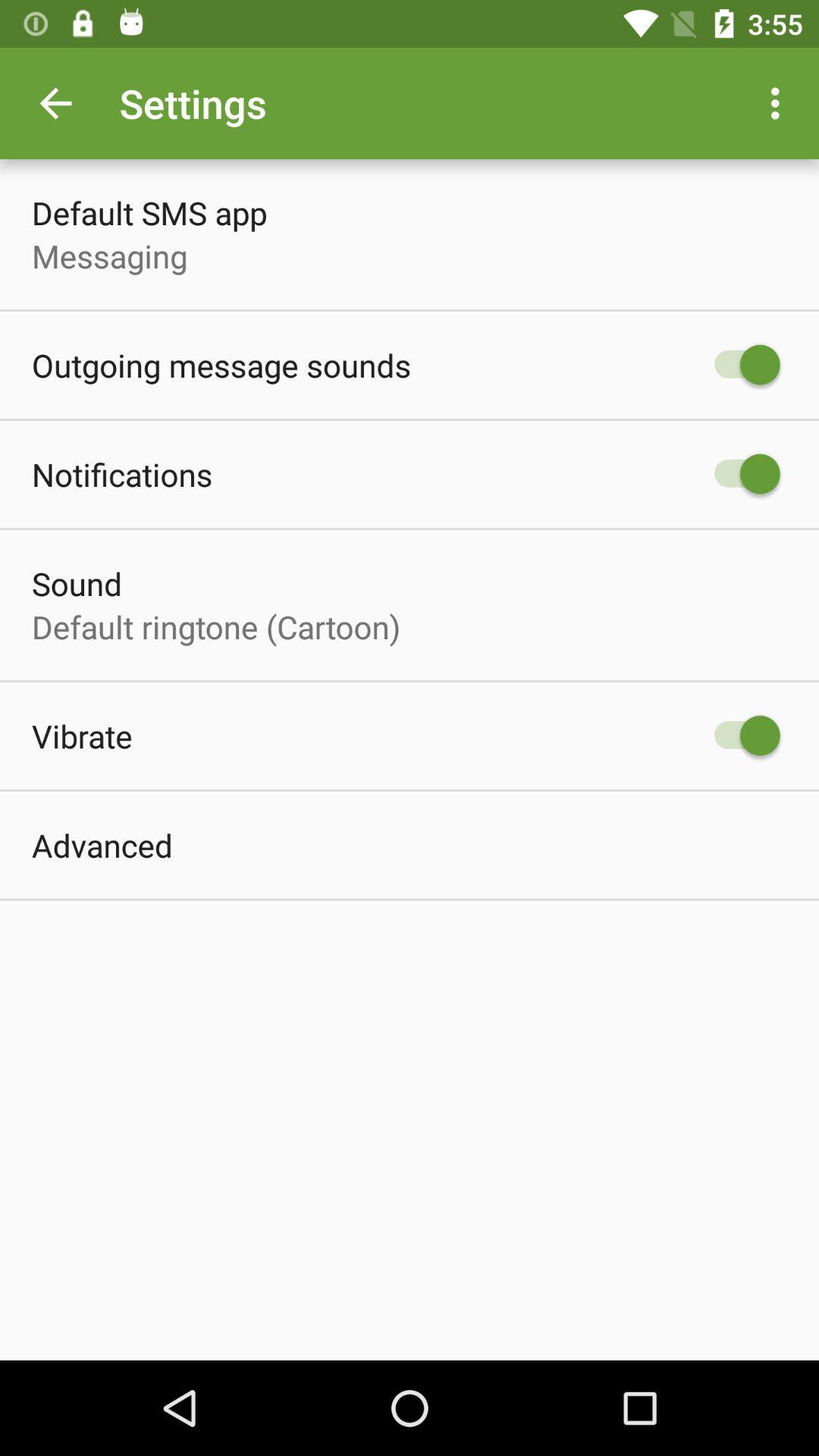 The image size is (819, 1456). I want to click on advanced item, so click(102, 844).